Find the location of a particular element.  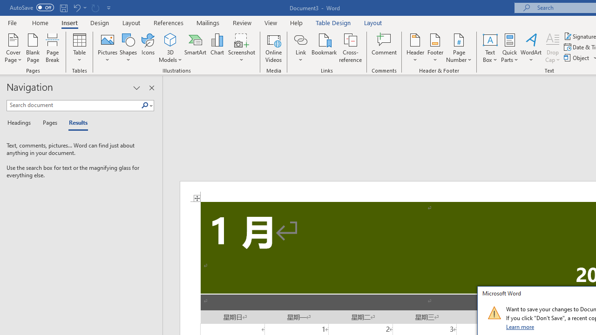

'Page Number' is located at coordinates (459, 48).